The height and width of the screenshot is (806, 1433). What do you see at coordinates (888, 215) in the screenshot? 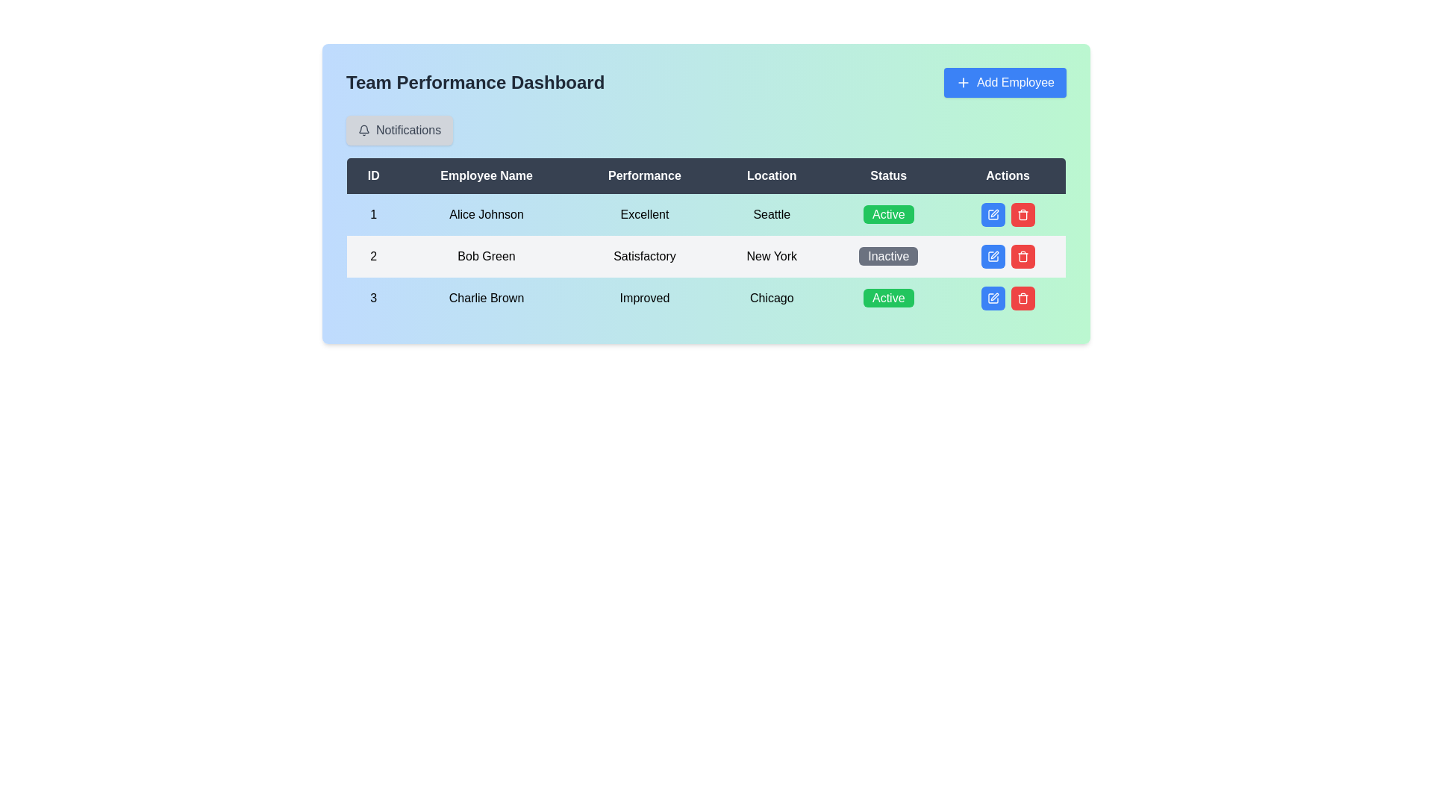
I see `the Status Indicator in the first row of the table that shows 'Active' for Alice Johnson` at bounding box center [888, 215].